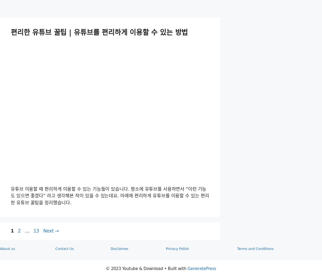 This screenshot has height=277, width=322. I want to click on '유튜브 이용할 때 편리하게 이용할 수 있는 기능들이 있습니다. 평소에 유튜브를 사용하면서 “이런 기능도 있으면 좋겠다” 라고 생각해본 적이 있을 수 있는데요. 아래에 편리하게 유튜브를 이용할 수 있는 편리한 유튜브 꿀팁을 정리했습니다.', so click(110, 195).